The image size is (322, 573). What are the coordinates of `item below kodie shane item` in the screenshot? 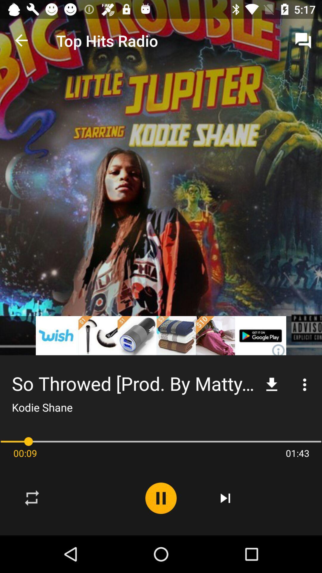 It's located at (161, 441).